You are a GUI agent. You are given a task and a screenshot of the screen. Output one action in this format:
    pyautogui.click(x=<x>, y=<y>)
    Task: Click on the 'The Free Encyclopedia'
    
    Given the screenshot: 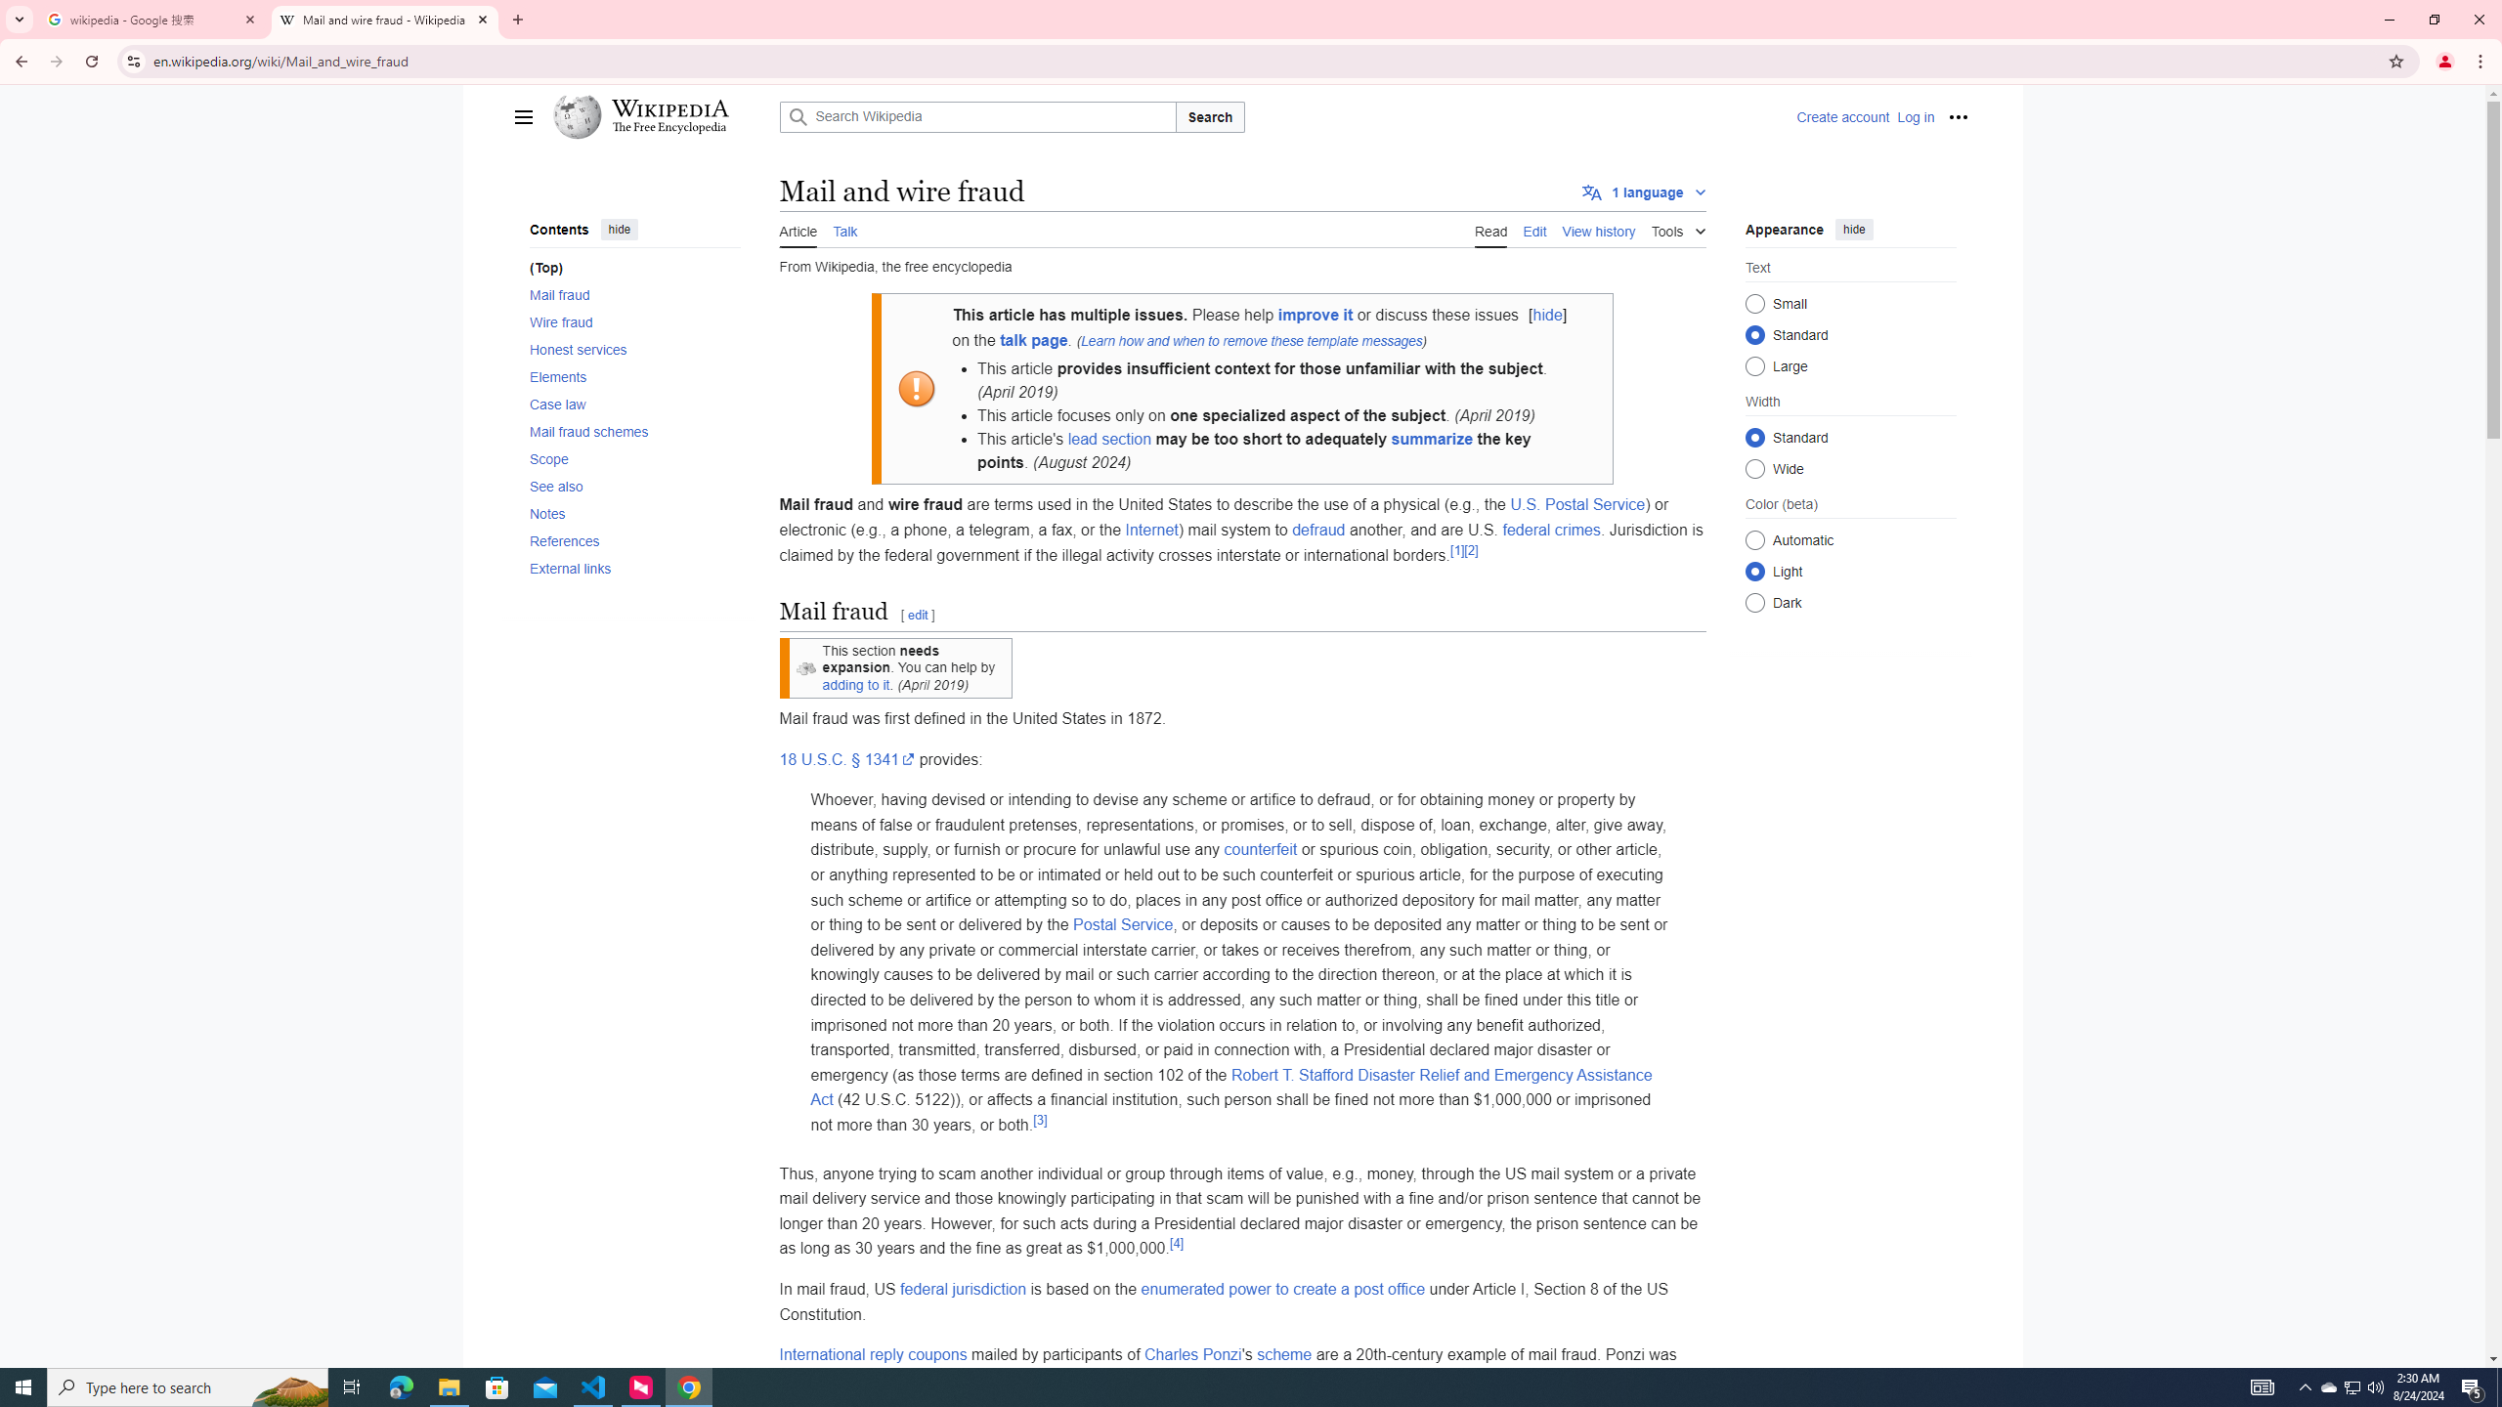 What is the action you would take?
    pyautogui.click(x=669, y=127)
    